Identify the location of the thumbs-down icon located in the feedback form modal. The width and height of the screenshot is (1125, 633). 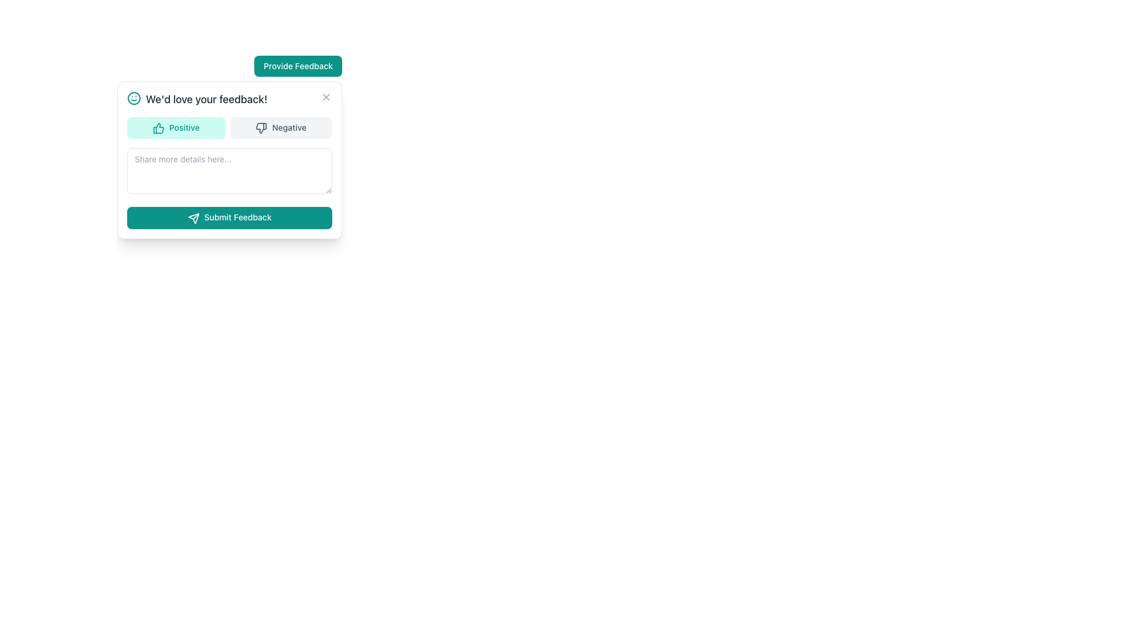
(261, 128).